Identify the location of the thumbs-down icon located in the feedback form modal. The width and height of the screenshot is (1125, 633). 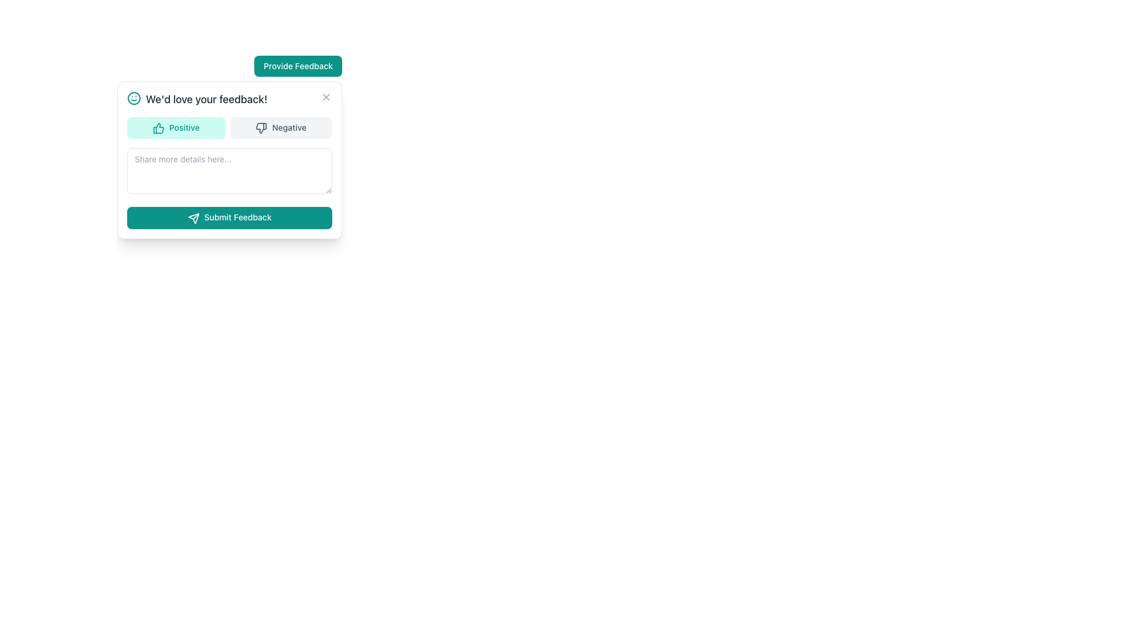
(261, 128).